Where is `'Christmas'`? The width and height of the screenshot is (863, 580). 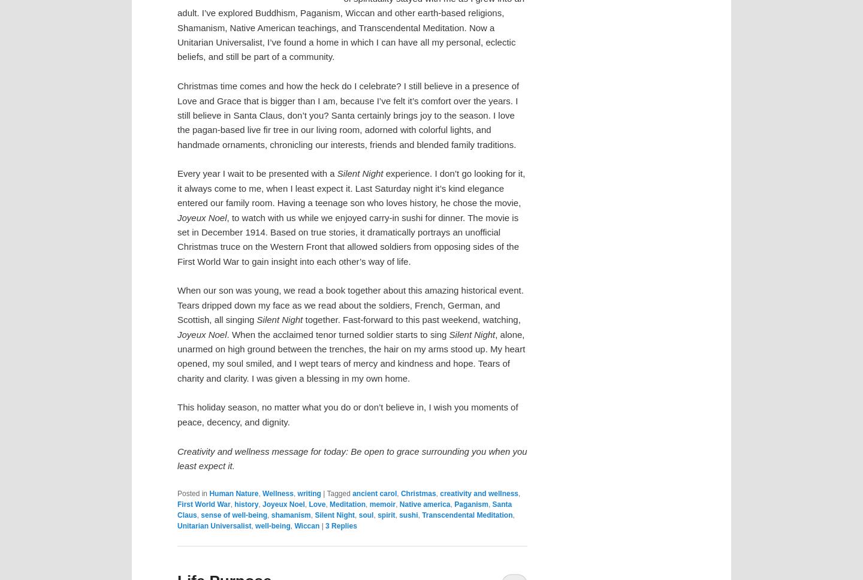
'Christmas' is located at coordinates (418, 493).